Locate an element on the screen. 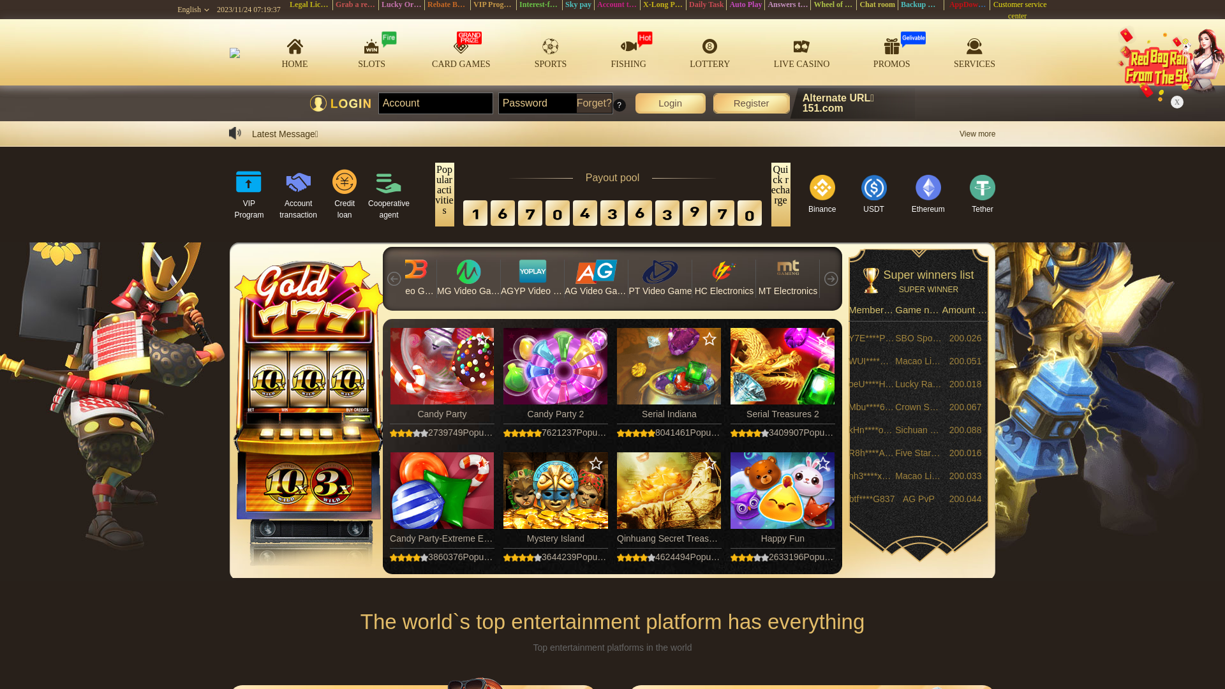 The height and width of the screenshot is (689, 1225). 'HOME' is located at coordinates (293, 52).